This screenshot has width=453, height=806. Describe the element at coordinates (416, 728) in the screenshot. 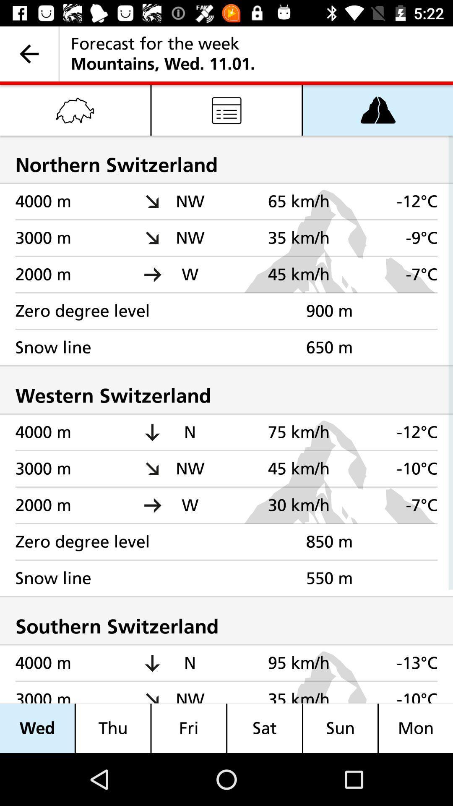

I see `mon item` at that location.